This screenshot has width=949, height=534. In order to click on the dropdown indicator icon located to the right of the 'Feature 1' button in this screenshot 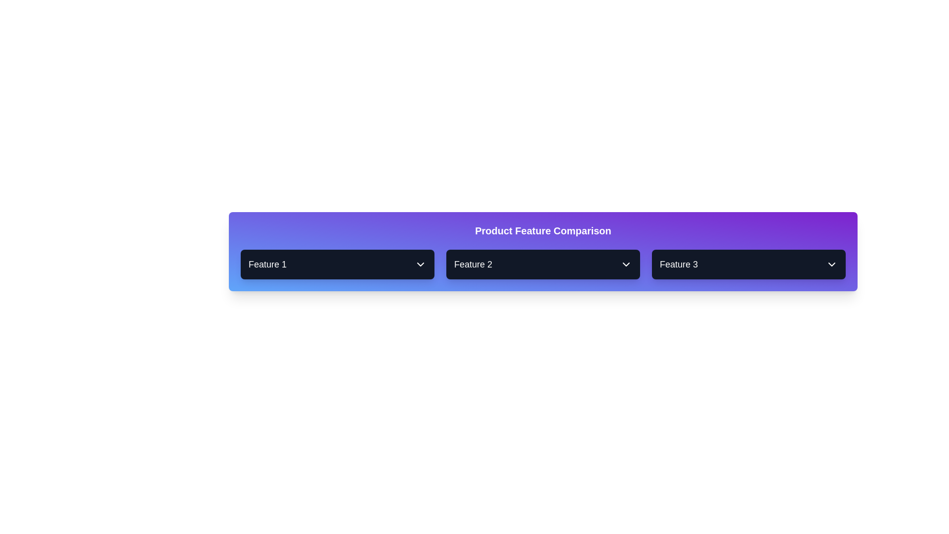, I will do `click(420, 264)`.